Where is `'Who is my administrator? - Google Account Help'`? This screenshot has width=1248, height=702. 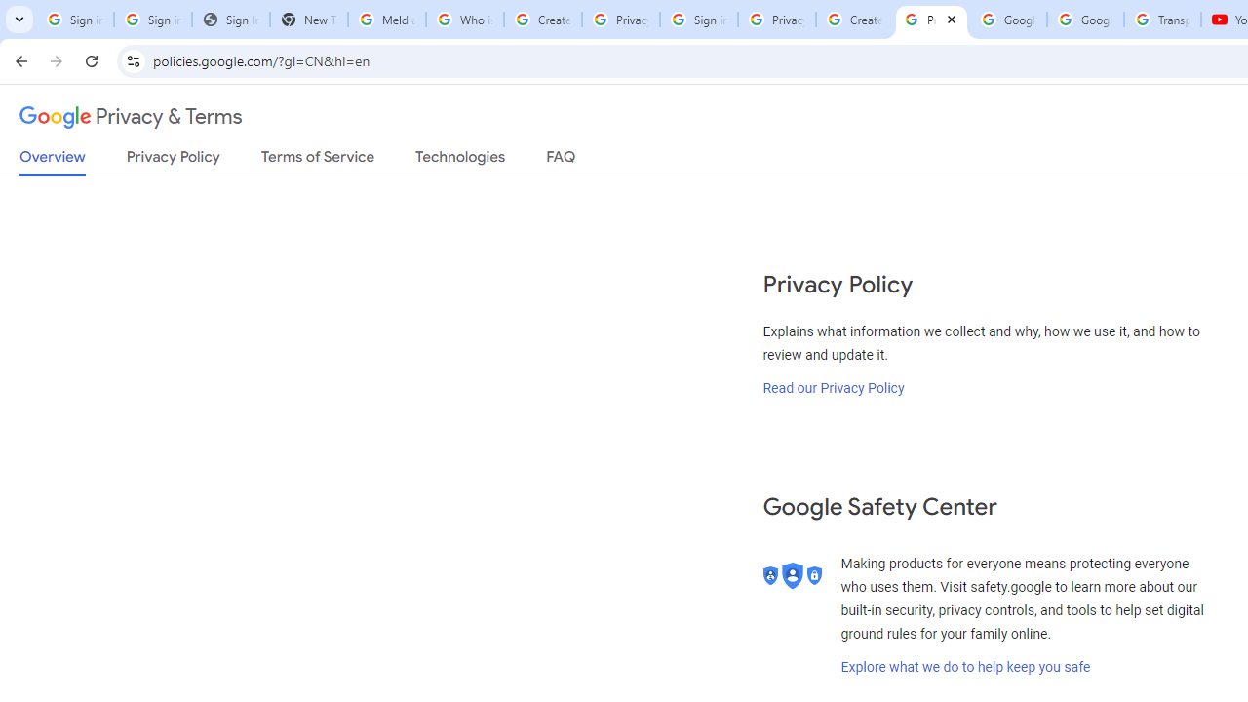 'Who is my administrator? - Google Account Help' is located at coordinates (463, 19).